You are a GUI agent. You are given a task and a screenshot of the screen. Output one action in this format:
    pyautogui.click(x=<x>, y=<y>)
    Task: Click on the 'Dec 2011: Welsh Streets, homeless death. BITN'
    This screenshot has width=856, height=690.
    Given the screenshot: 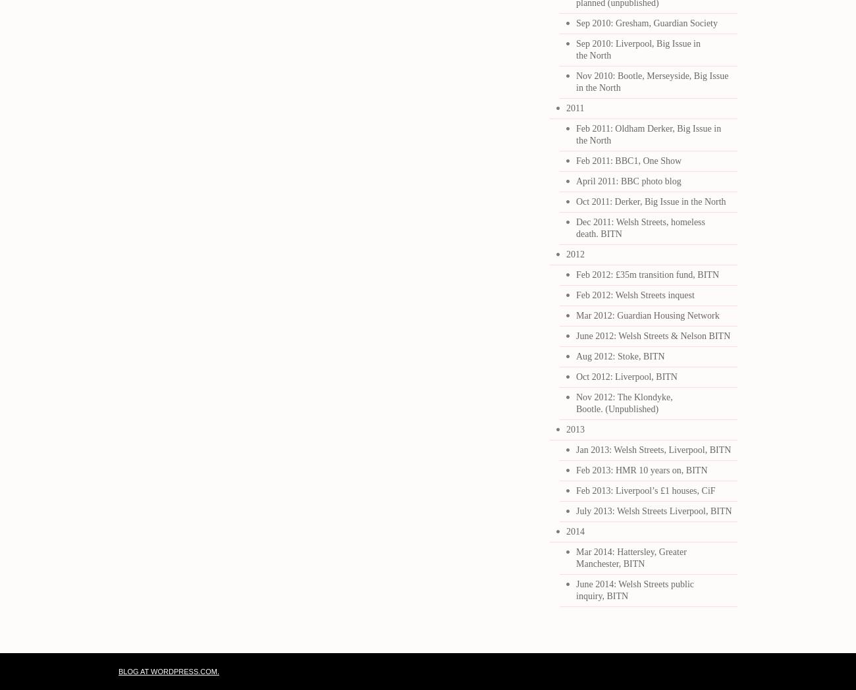 What is the action you would take?
    pyautogui.click(x=575, y=228)
    